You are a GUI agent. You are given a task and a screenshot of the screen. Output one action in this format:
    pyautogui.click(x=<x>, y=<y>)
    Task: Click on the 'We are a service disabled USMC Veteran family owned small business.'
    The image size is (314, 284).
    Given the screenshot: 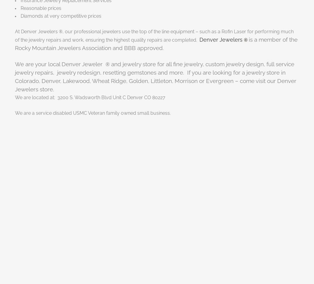 What is the action you would take?
    pyautogui.click(x=93, y=112)
    